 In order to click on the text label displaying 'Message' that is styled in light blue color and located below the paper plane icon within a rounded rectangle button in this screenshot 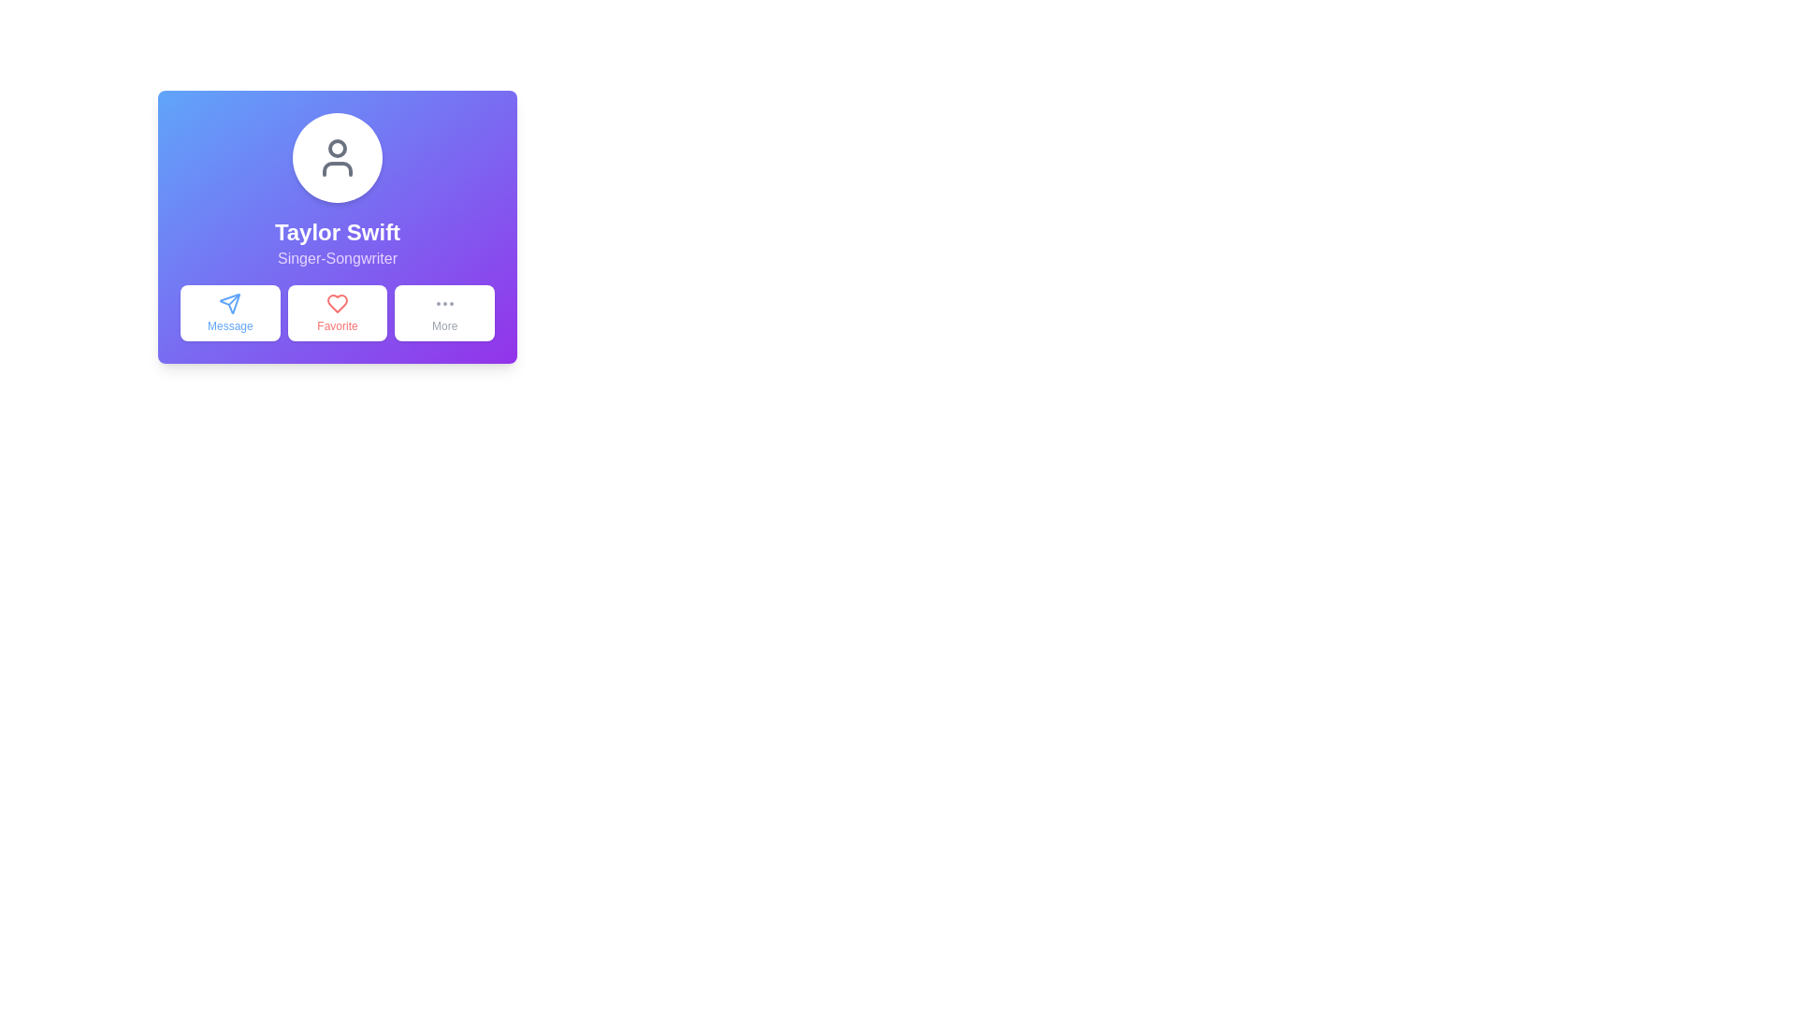, I will do `click(229, 325)`.